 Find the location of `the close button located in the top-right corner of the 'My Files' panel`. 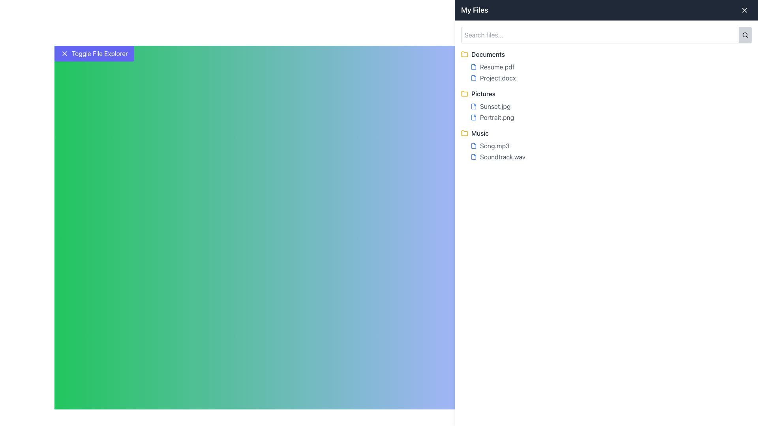

the close button located in the top-right corner of the 'My Files' panel is located at coordinates (744, 10).